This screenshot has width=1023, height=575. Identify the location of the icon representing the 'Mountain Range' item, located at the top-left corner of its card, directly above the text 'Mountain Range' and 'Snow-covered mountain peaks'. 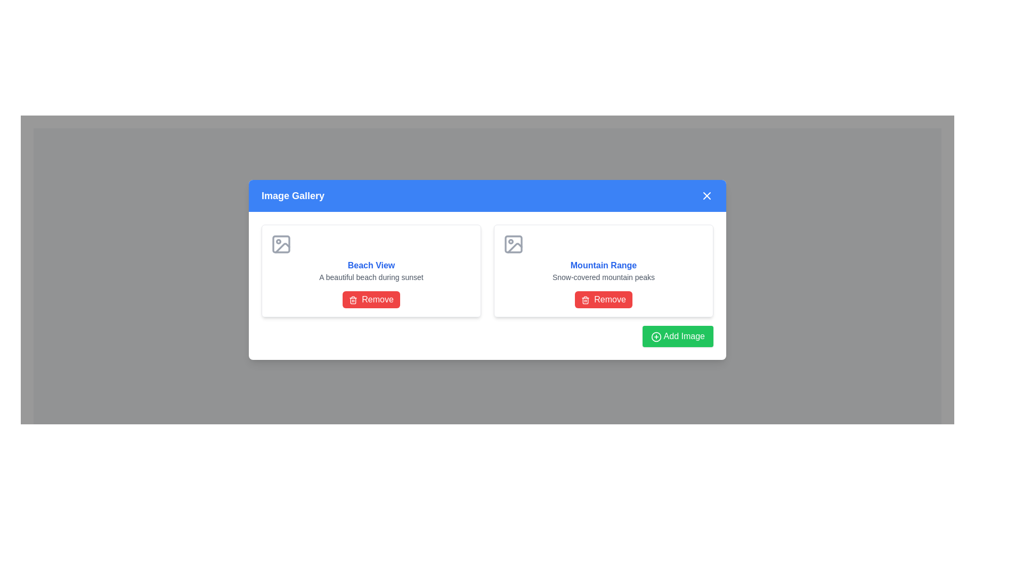
(514, 244).